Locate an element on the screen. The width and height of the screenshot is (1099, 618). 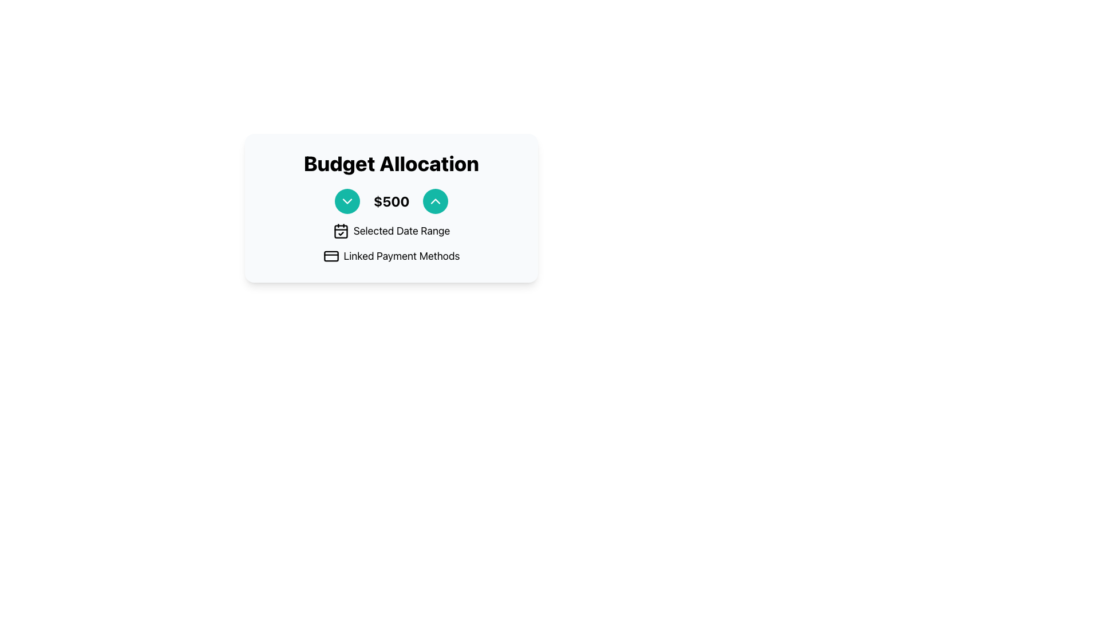
the downward chevron icon located as the second button to the right under the 'Budget Allocation' title is located at coordinates (346, 200).